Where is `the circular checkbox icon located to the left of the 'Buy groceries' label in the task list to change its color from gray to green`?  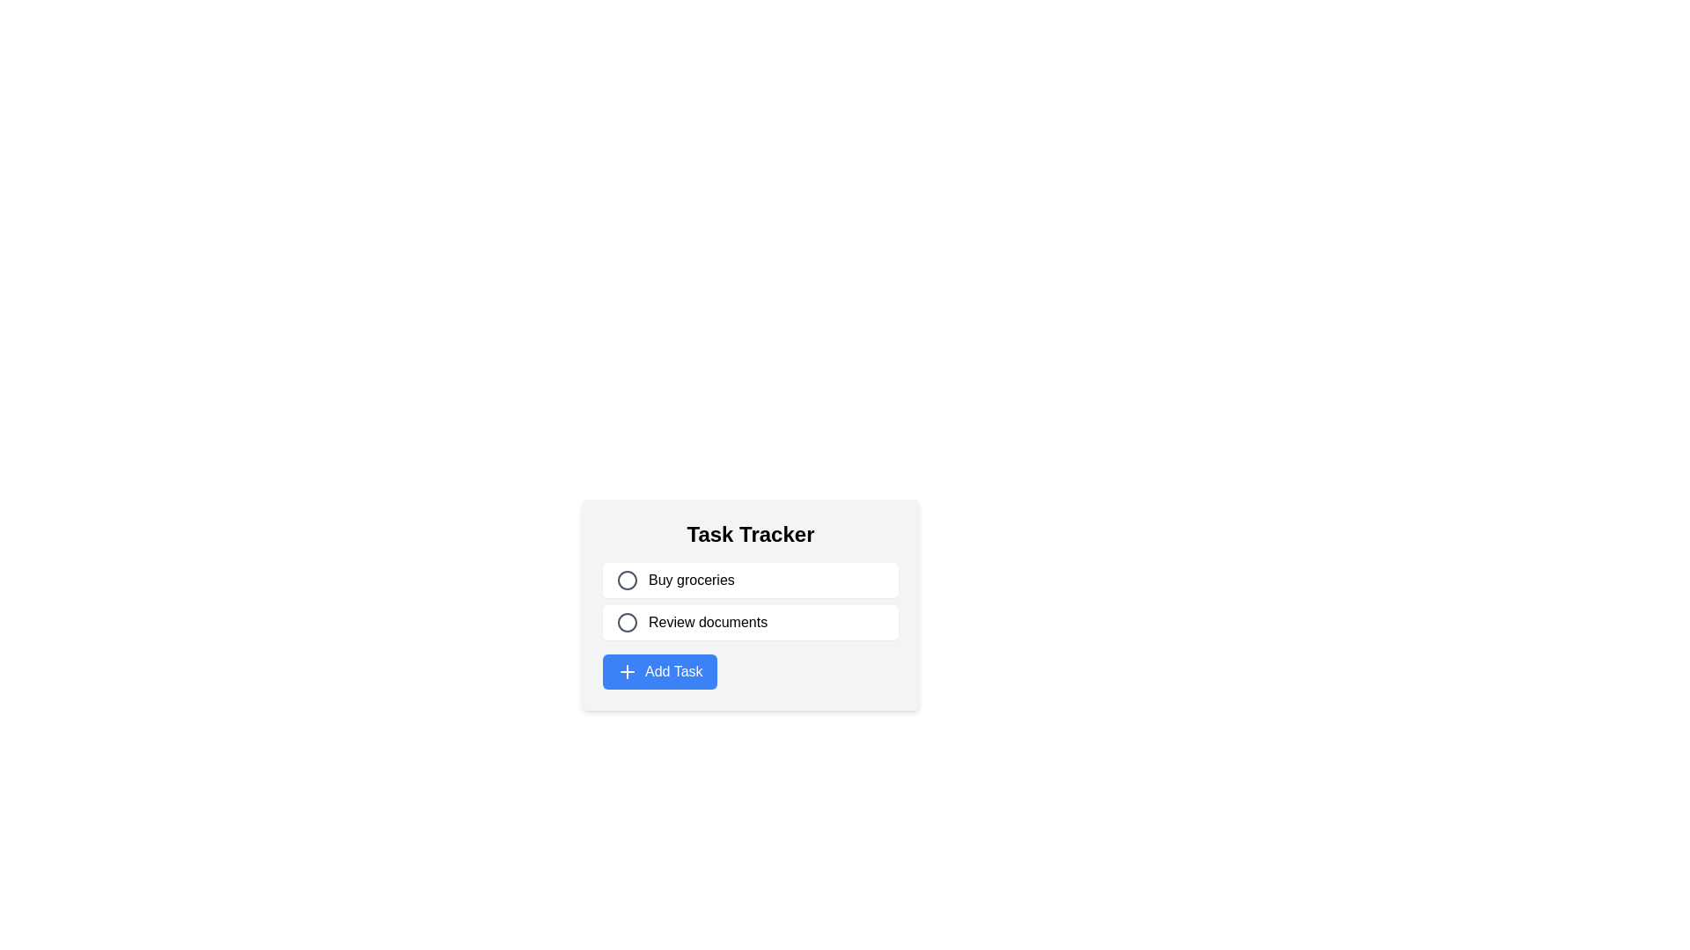 the circular checkbox icon located to the left of the 'Buy groceries' label in the task list to change its color from gray to green is located at coordinates (628, 580).